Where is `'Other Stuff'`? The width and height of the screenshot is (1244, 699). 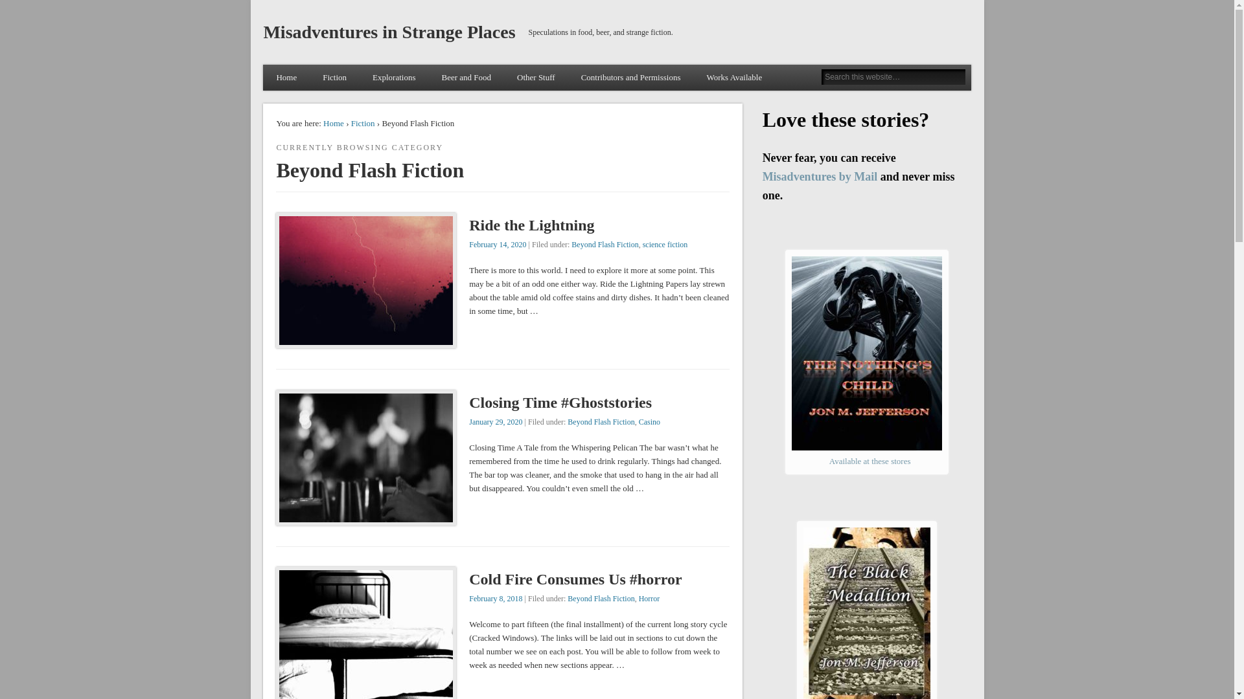
'Other Stuff' is located at coordinates (536, 77).